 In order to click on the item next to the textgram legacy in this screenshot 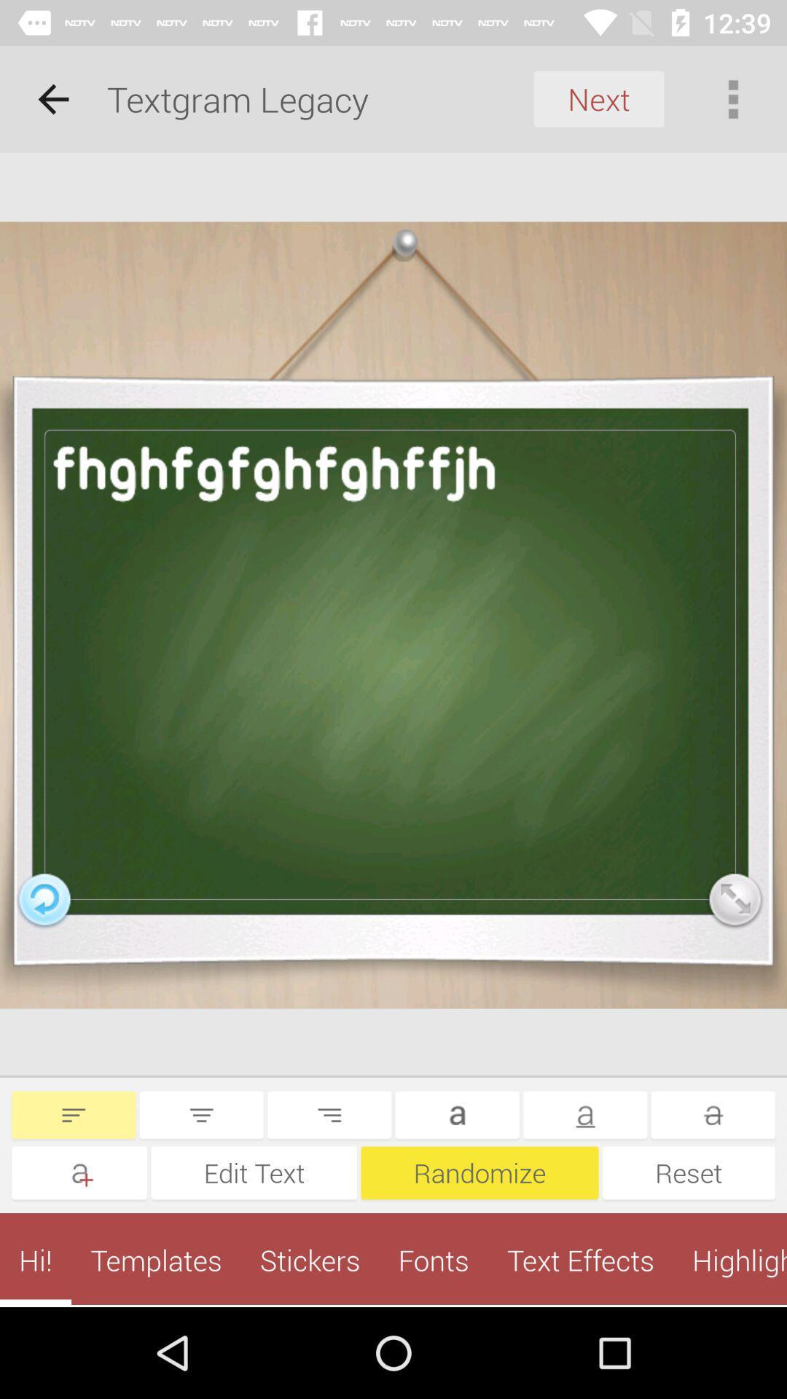, I will do `click(599, 98)`.